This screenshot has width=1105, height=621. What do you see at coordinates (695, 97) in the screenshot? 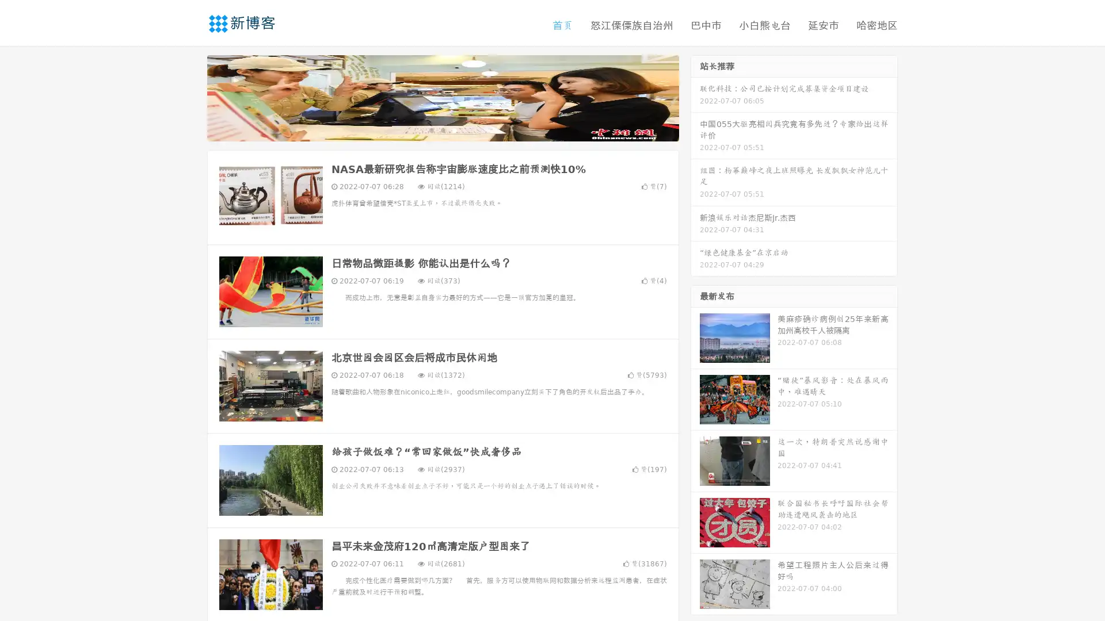
I see `Next slide` at bounding box center [695, 97].